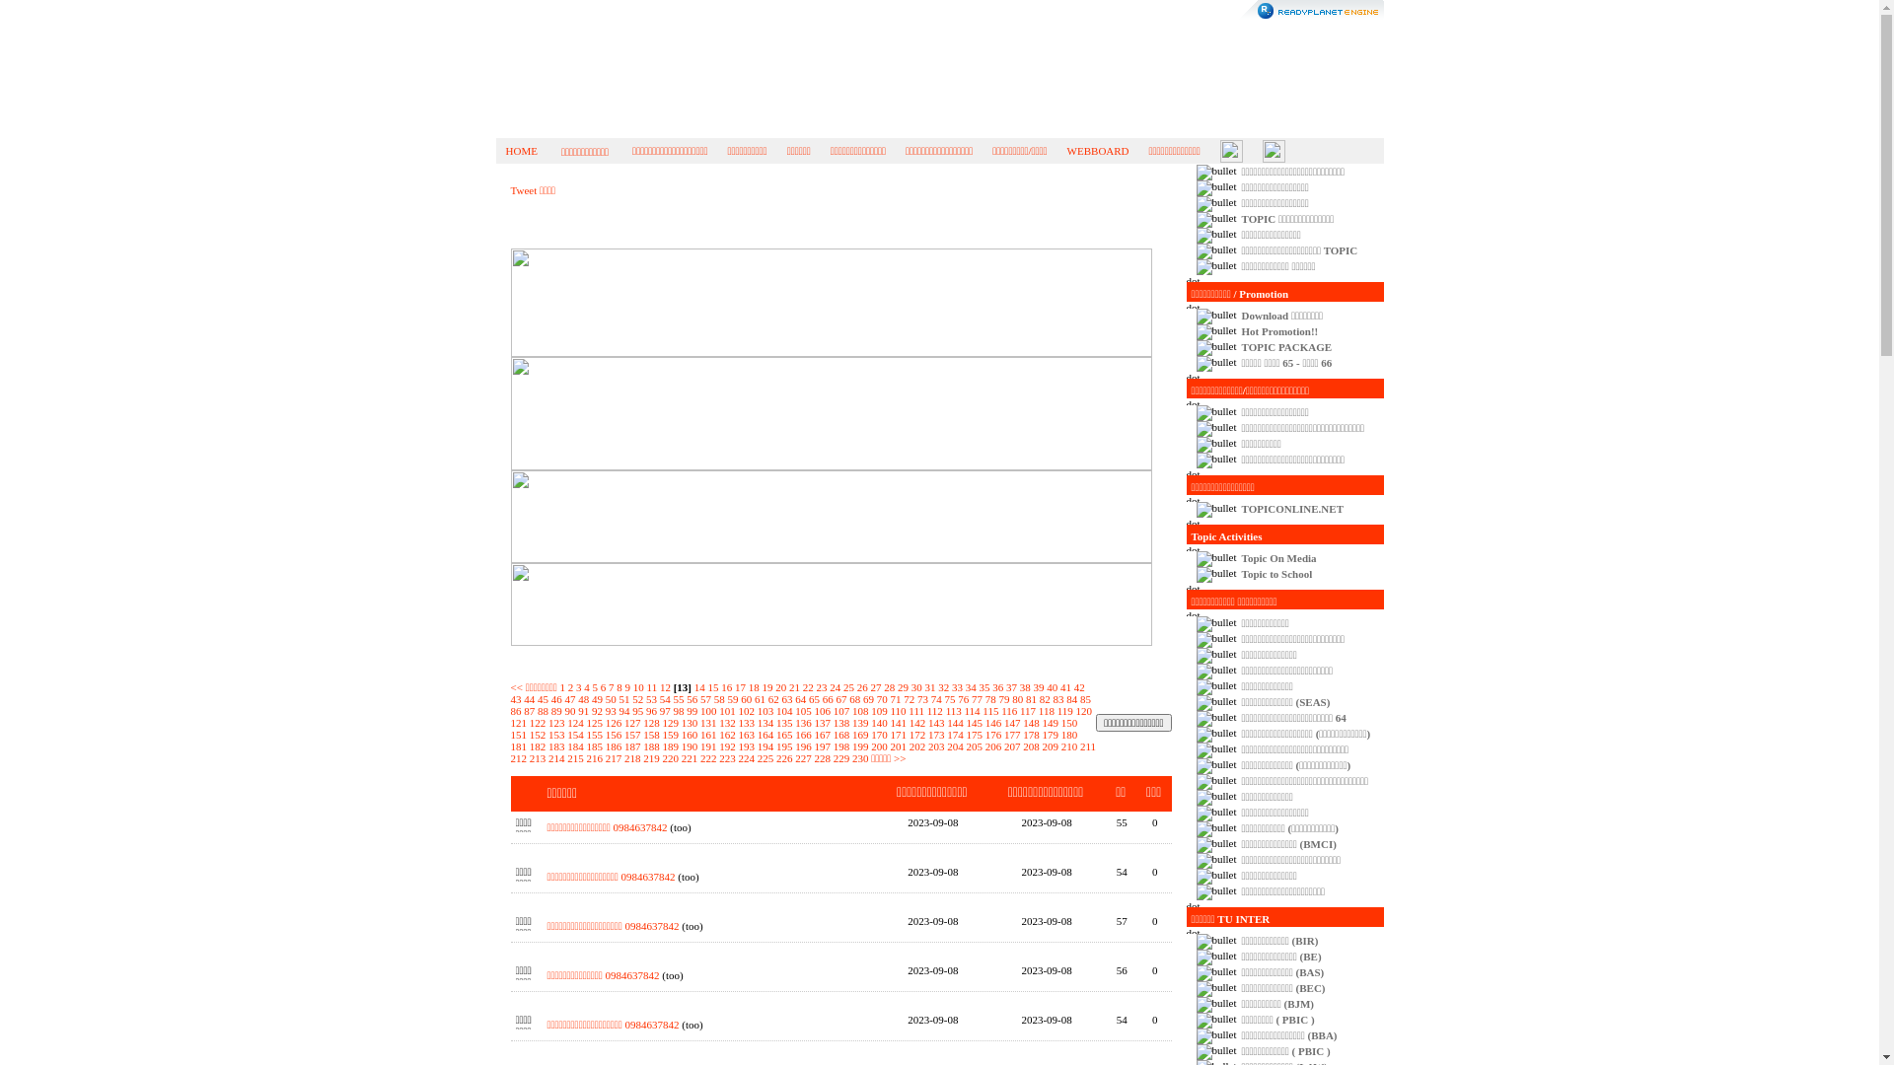  Describe the element at coordinates (908, 711) in the screenshot. I see `'111'` at that location.